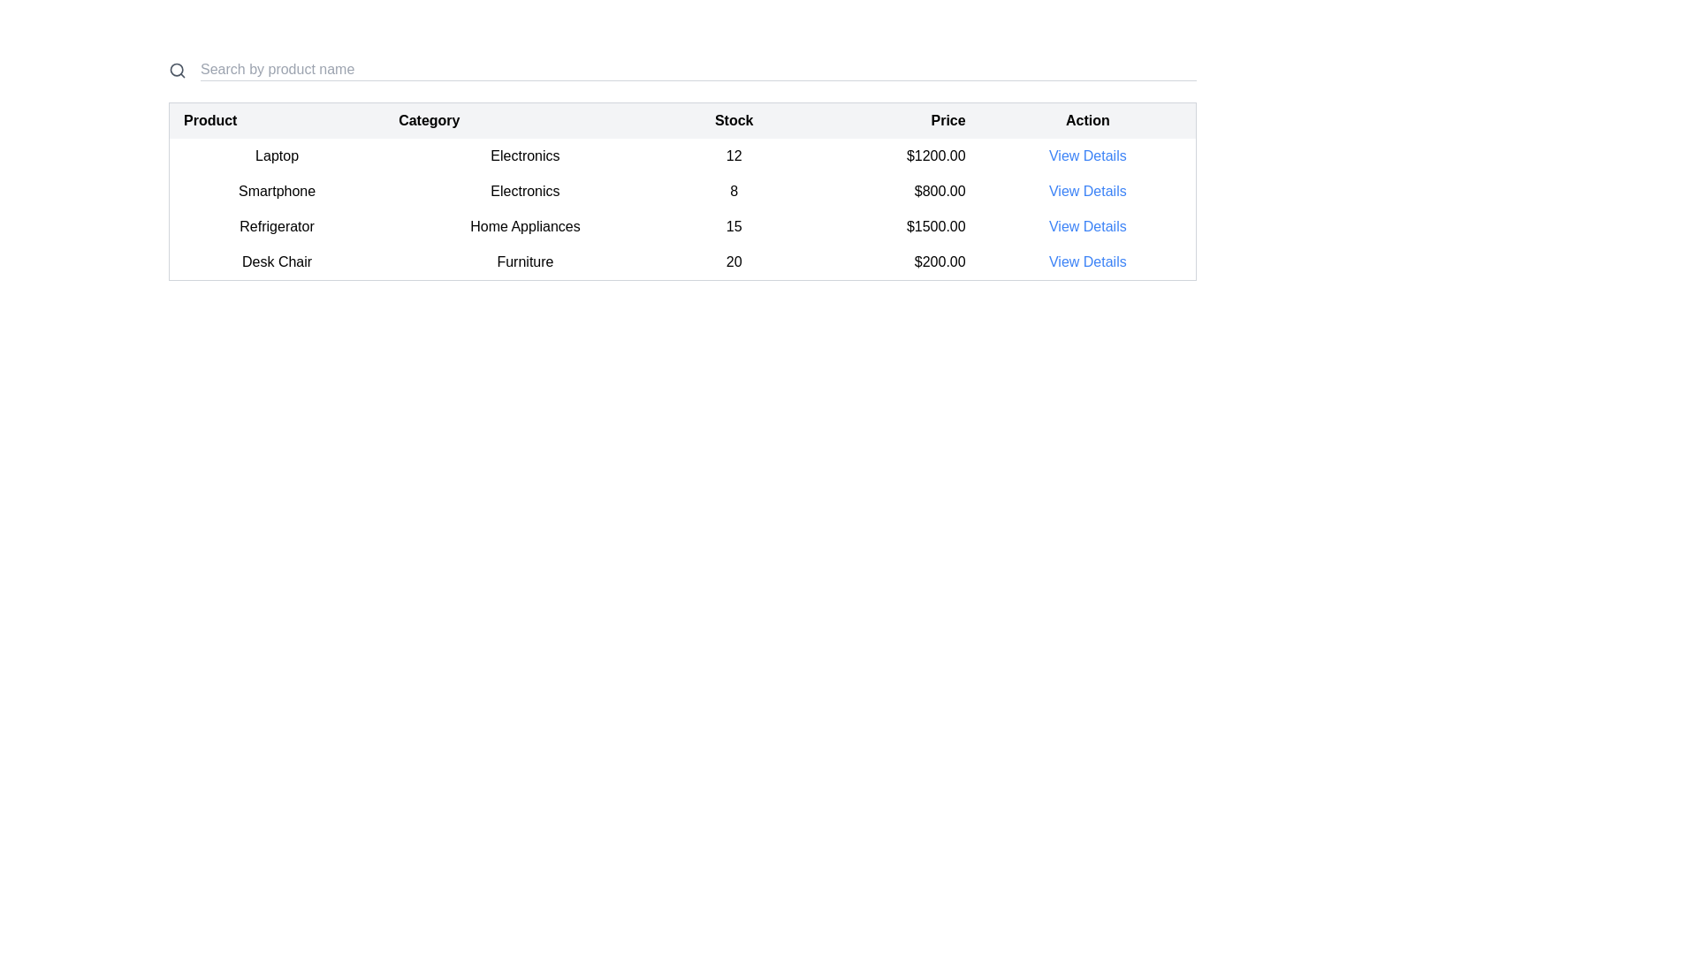 This screenshot has width=1697, height=954. I want to click on the 'Action' column header label, which is the fifth and last column in the data table, located to the far right, adjacent to the 'Price' column, so click(1087, 119).